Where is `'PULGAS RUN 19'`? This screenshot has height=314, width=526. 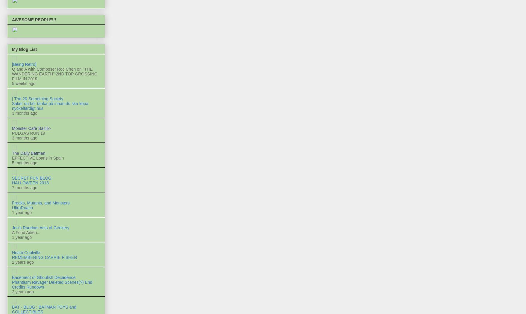
'PULGAS RUN 19' is located at coordinates (28, 133).